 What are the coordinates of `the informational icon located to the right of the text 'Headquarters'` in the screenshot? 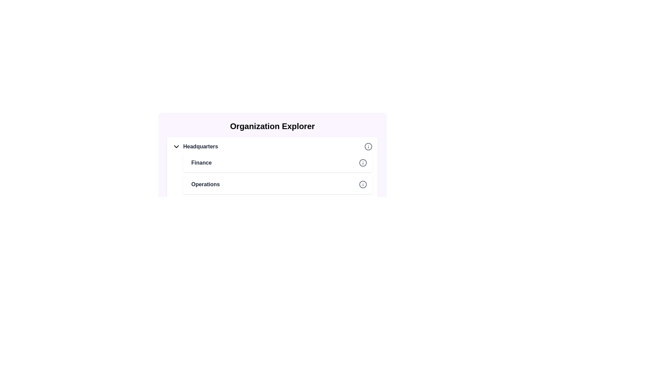 It's located at (368, 146).